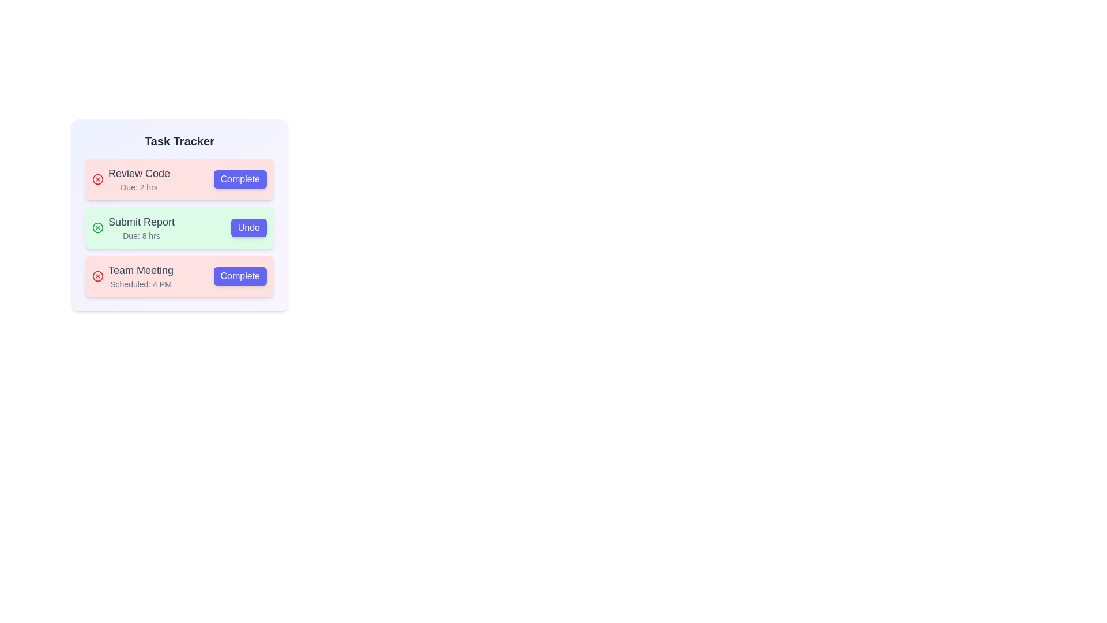 This screenshot has width=1107, height=623. I want to click on the task labeled 'Team Meeting' to observe hover effects, so click(179, 276).